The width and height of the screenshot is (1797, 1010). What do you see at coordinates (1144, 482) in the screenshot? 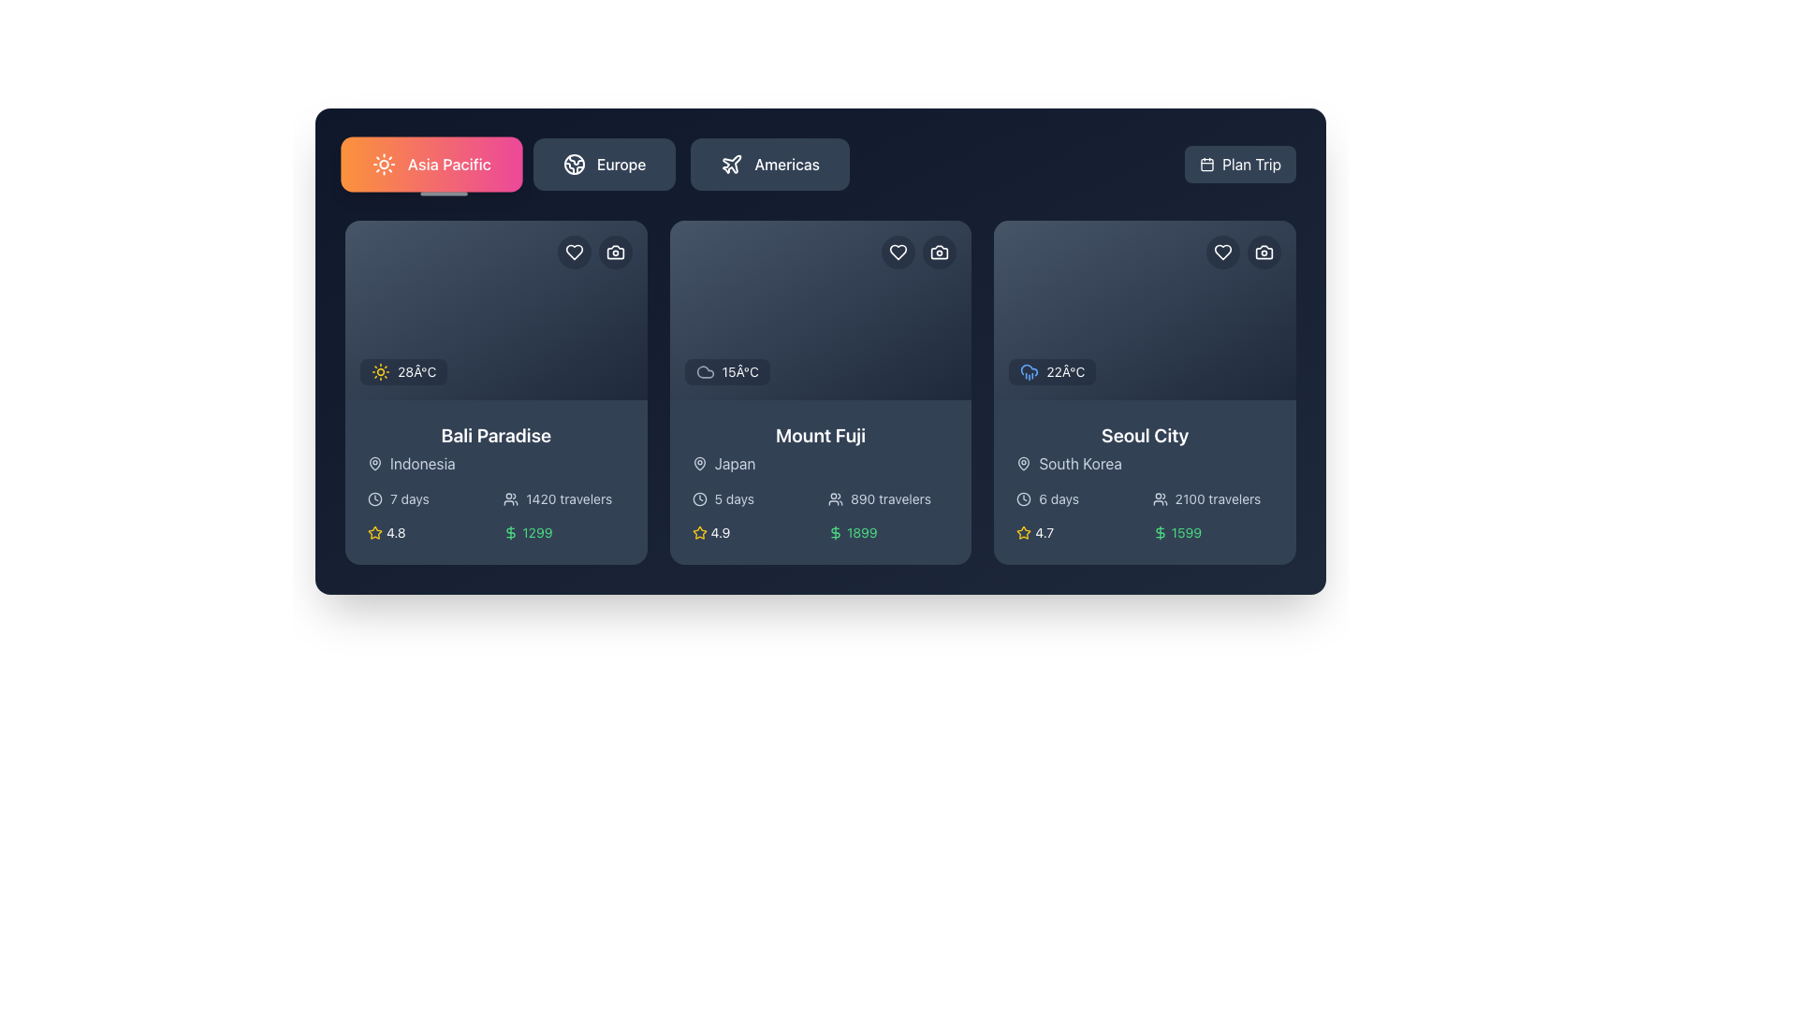
I see `the third card in the horizontal list that provides information about a specific travel destination` at bounding box center [1144, 482].